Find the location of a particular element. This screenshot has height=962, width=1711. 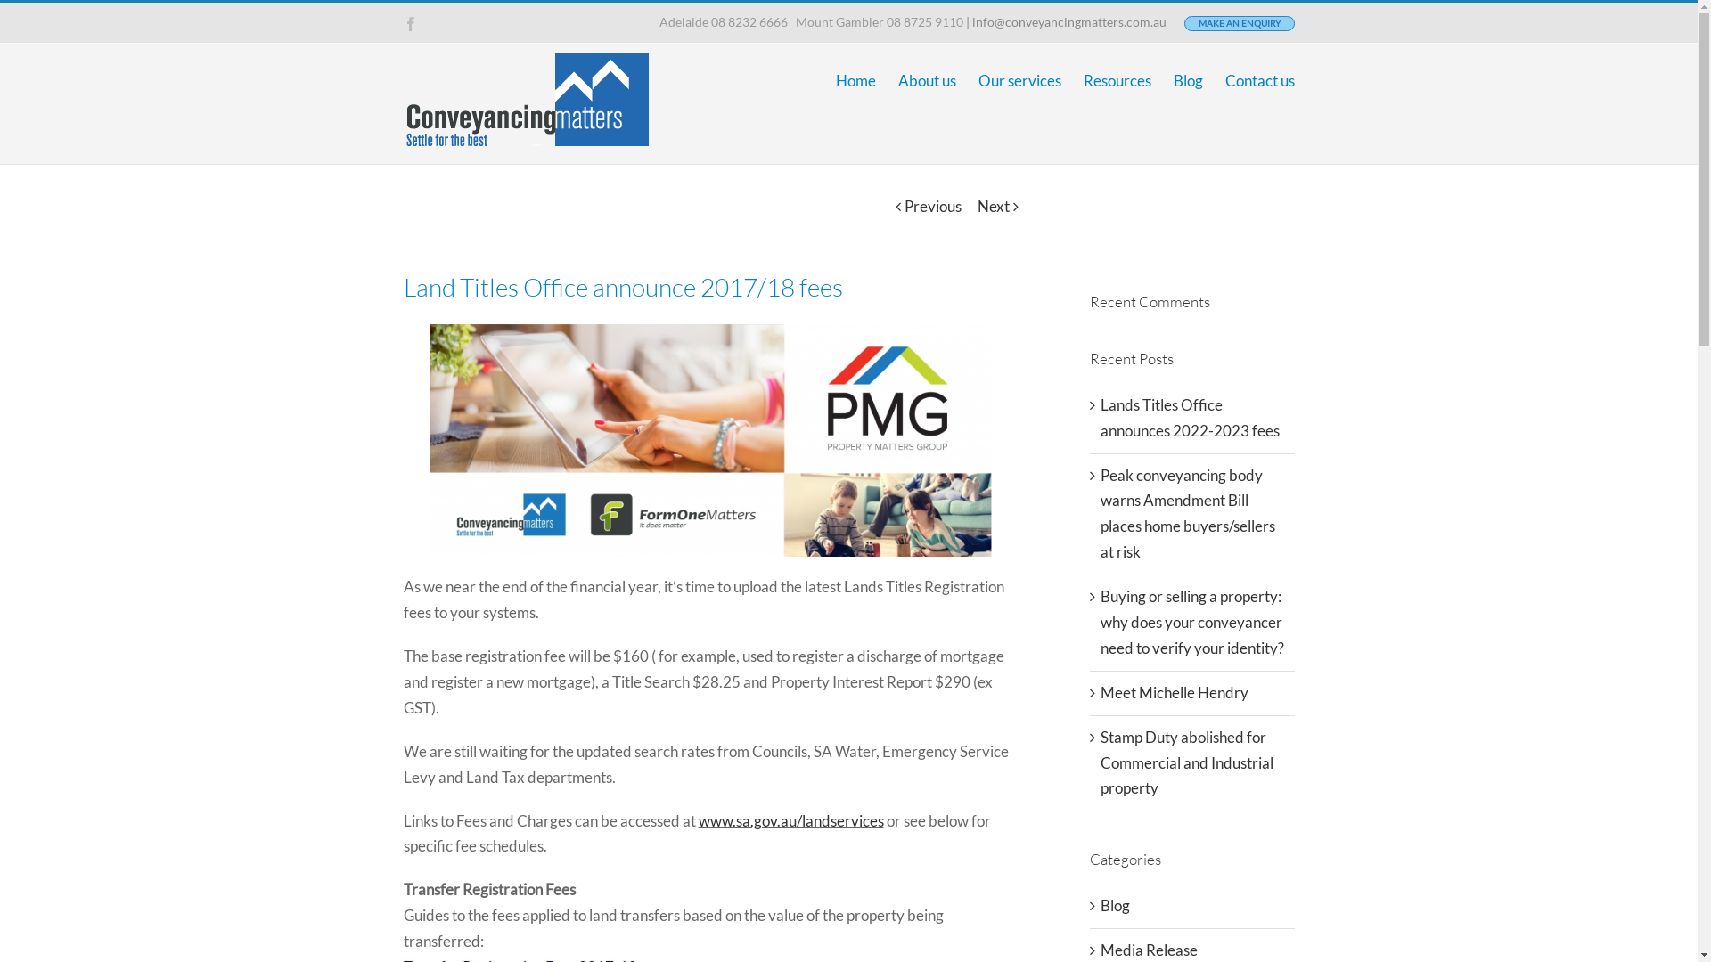

'MAKE AN ENQUIRY' is located at coordinates (1238, 23).